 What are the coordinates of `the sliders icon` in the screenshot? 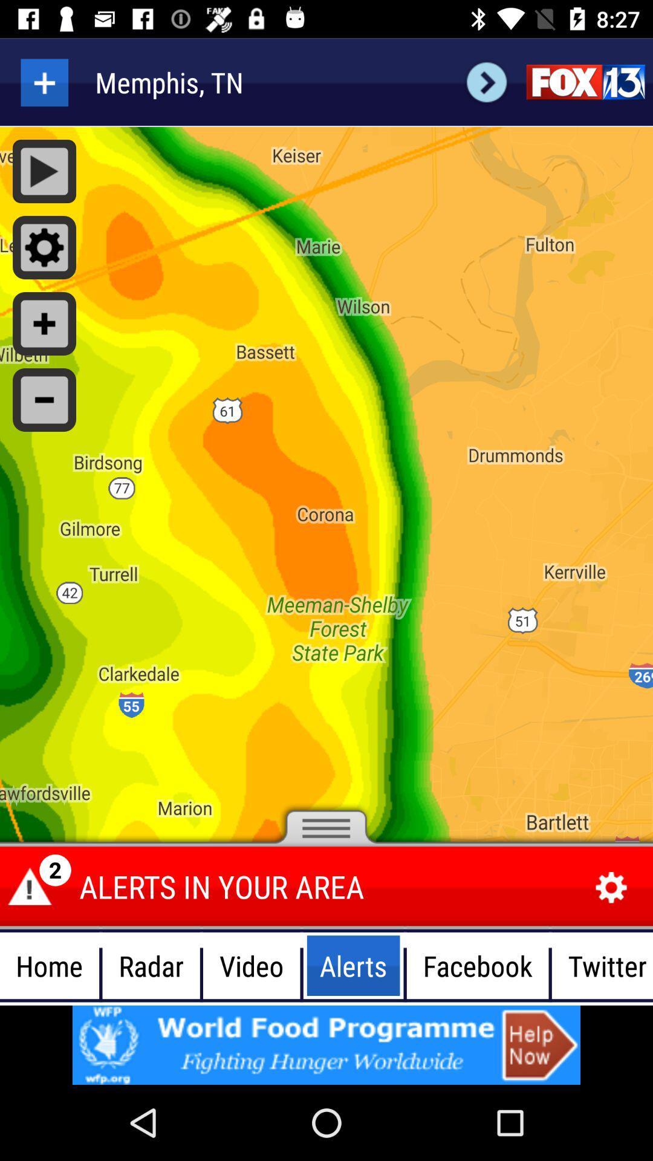 It's located at (585, 82).